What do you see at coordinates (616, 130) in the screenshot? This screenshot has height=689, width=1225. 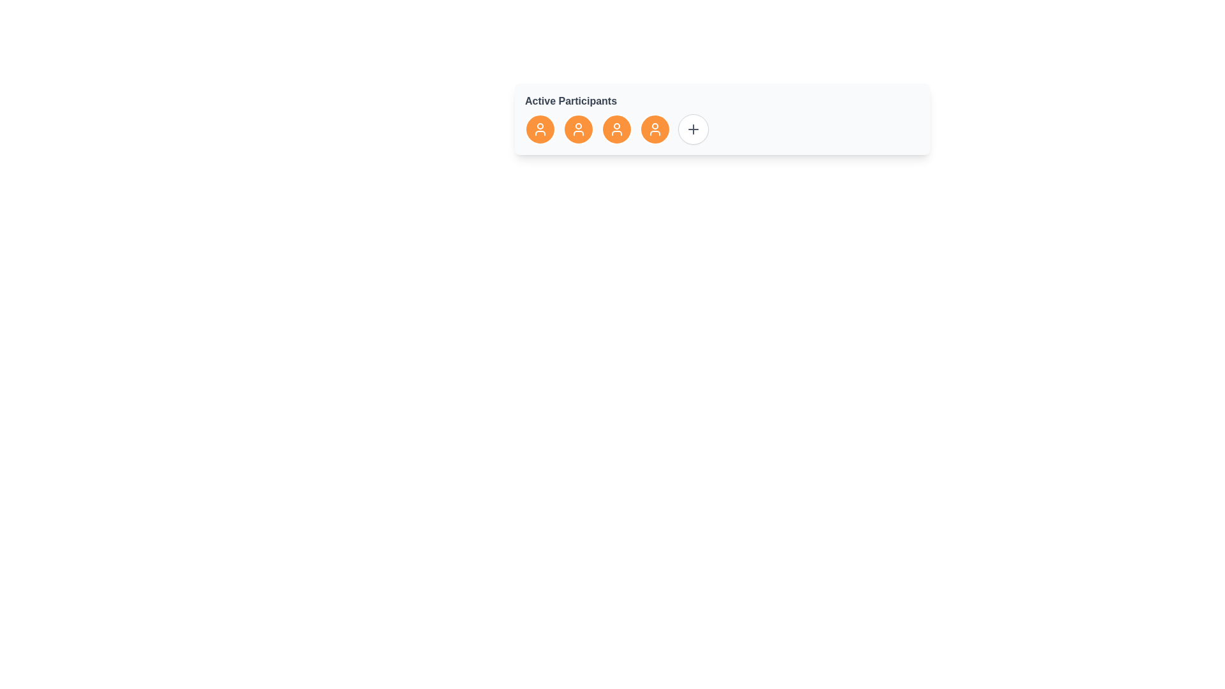 I see `the third circular icon from the left in the 'Active Participants' section, which is orange with a white border and contains a user symbol` at bounding box center [616, 130].